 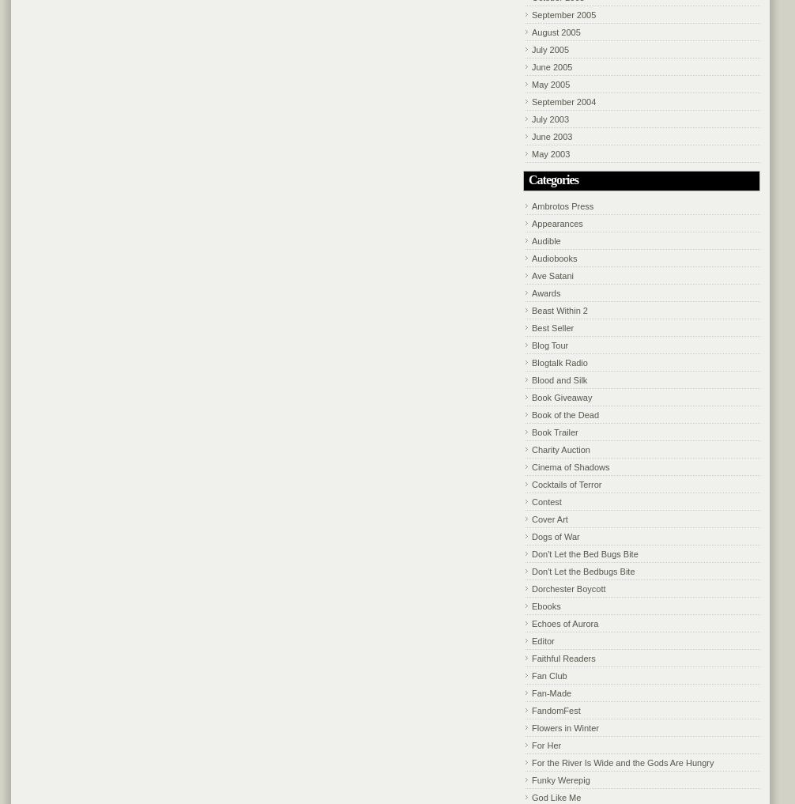 What do you see at coordinates (546, 744) in the screenshot?
I see `'For Her'` at bounding box center [546, 744].